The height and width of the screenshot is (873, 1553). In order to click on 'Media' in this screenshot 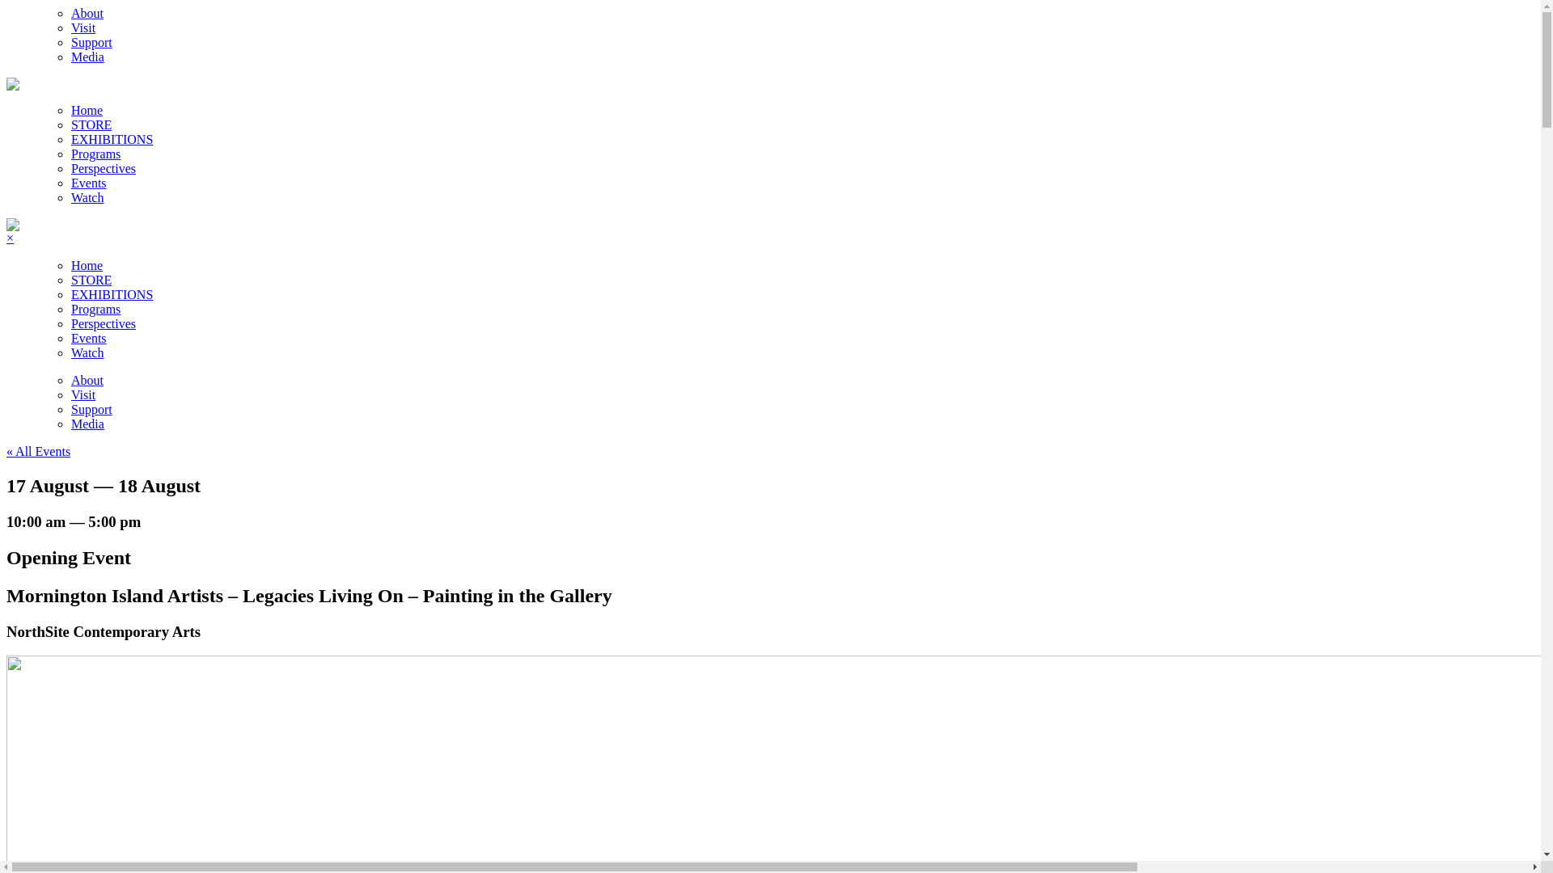, I will do `click(87, 56)`.